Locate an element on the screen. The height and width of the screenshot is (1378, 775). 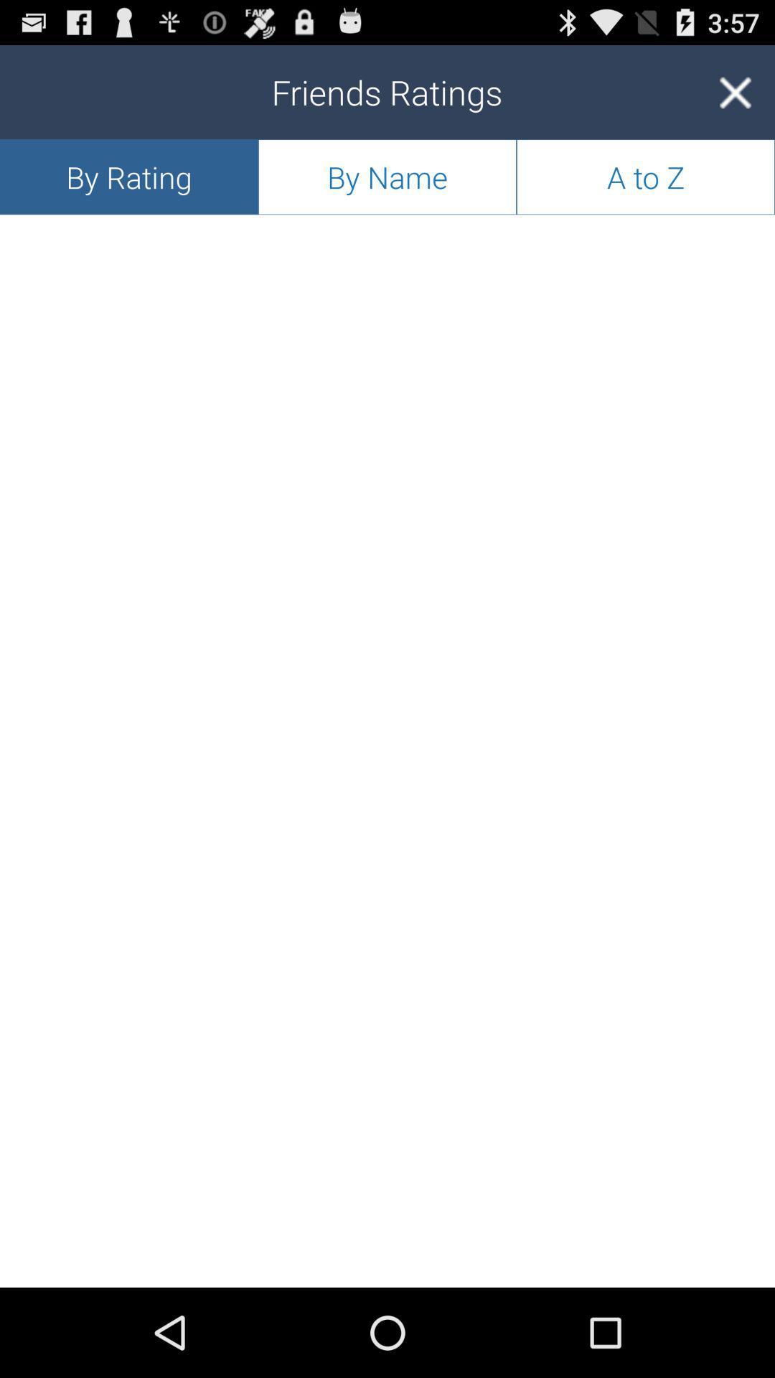
app to the right of by rating item is located at coordinates (387, 176).